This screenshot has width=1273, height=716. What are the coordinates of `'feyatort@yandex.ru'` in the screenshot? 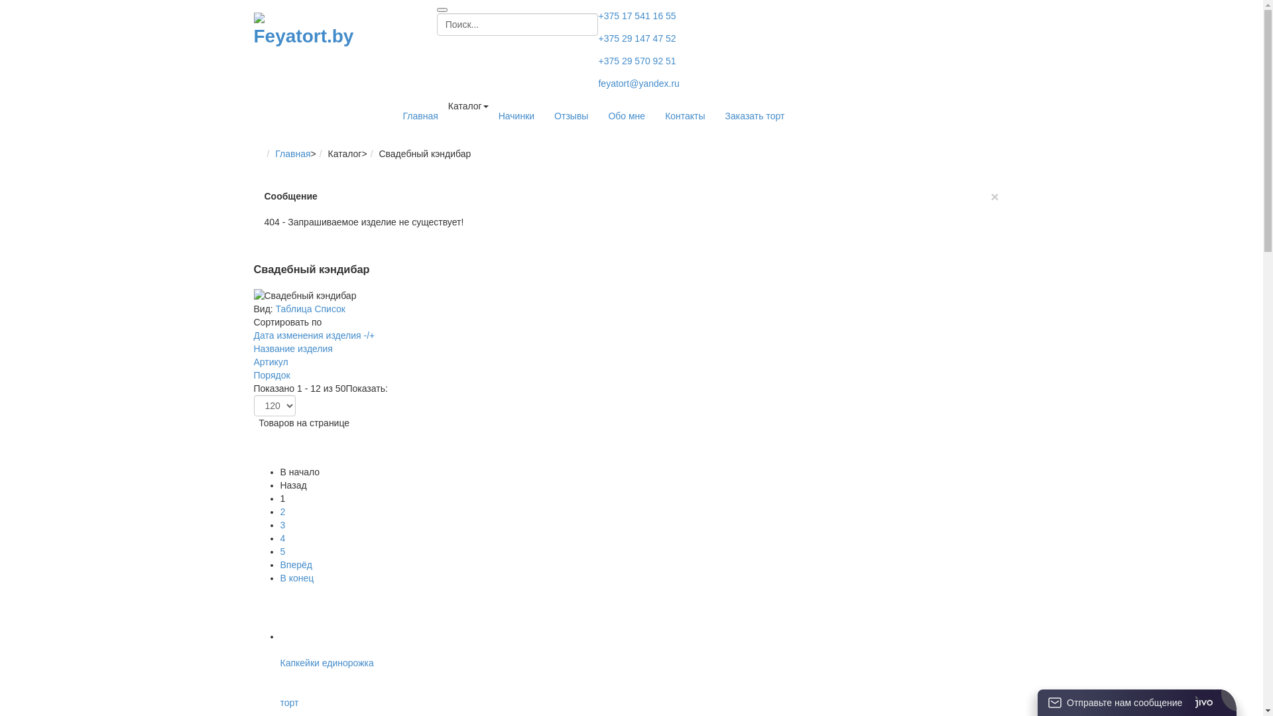 It's located at (597, 84).